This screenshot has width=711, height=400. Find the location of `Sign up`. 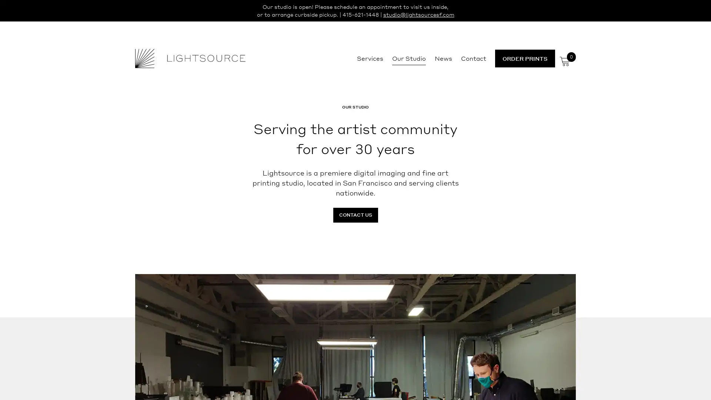

Sign up is located at coordinates (425, 258).